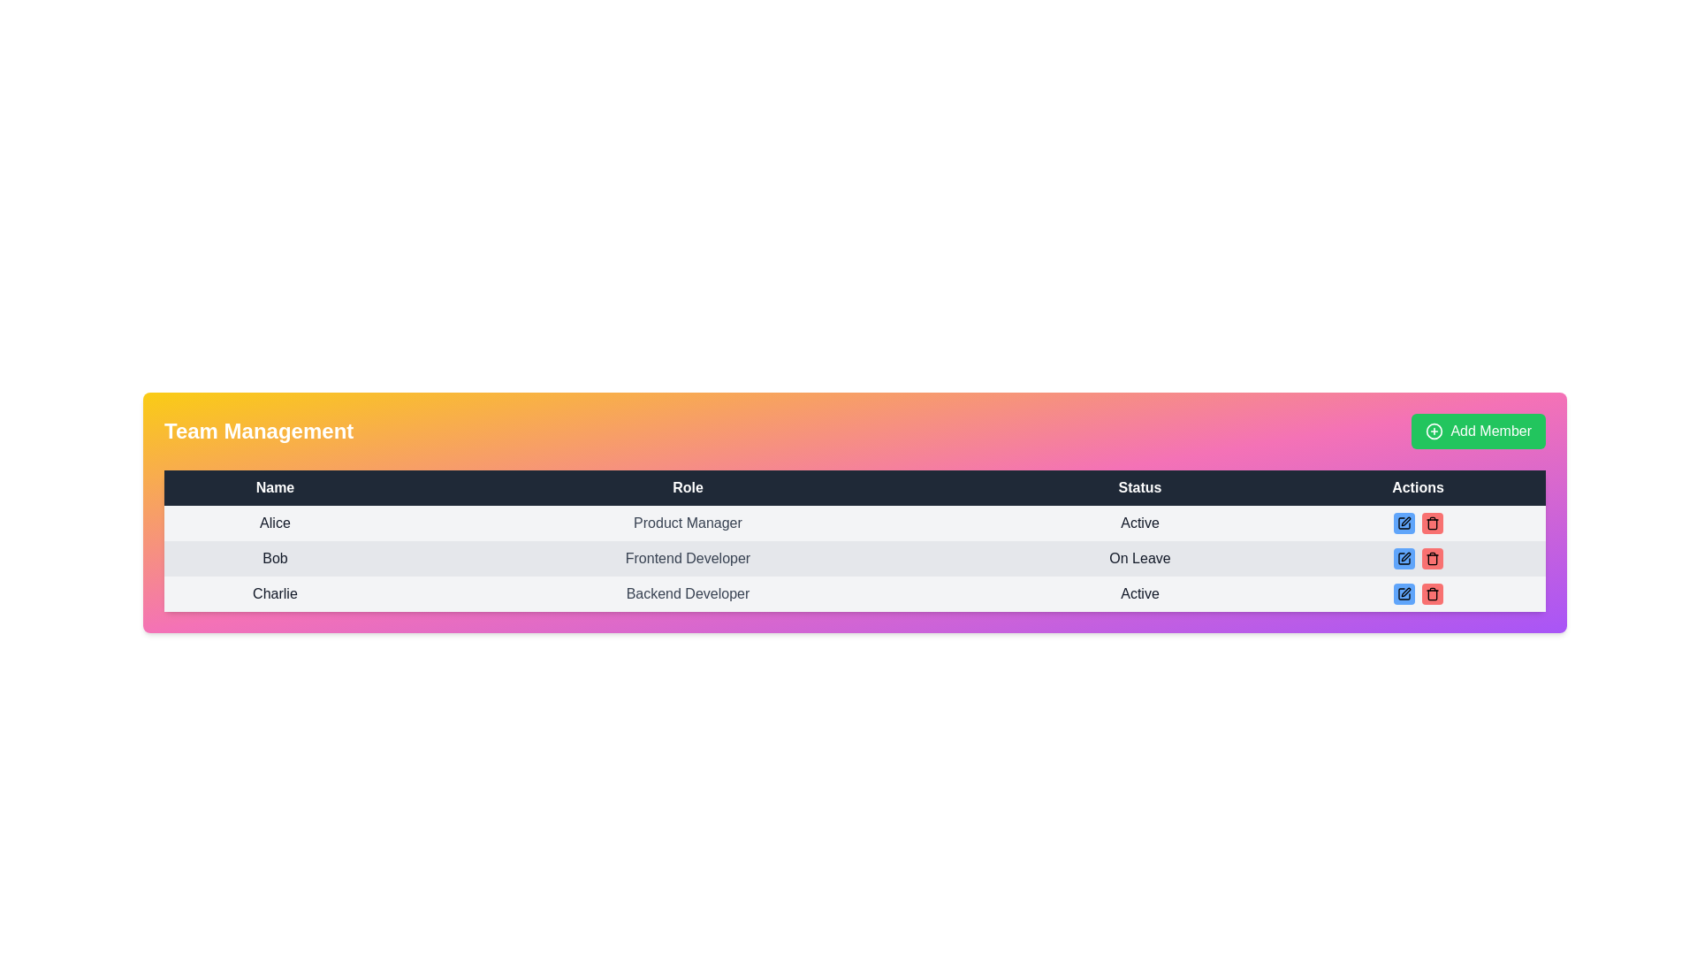 This screenshot has height=955, width=1697. What do you see at coordinates (274, 559) in the screenshot?
I see `the Text Label displaying the name of the team member 'Bob' in the team management interface` at bounding box center [274, 559].